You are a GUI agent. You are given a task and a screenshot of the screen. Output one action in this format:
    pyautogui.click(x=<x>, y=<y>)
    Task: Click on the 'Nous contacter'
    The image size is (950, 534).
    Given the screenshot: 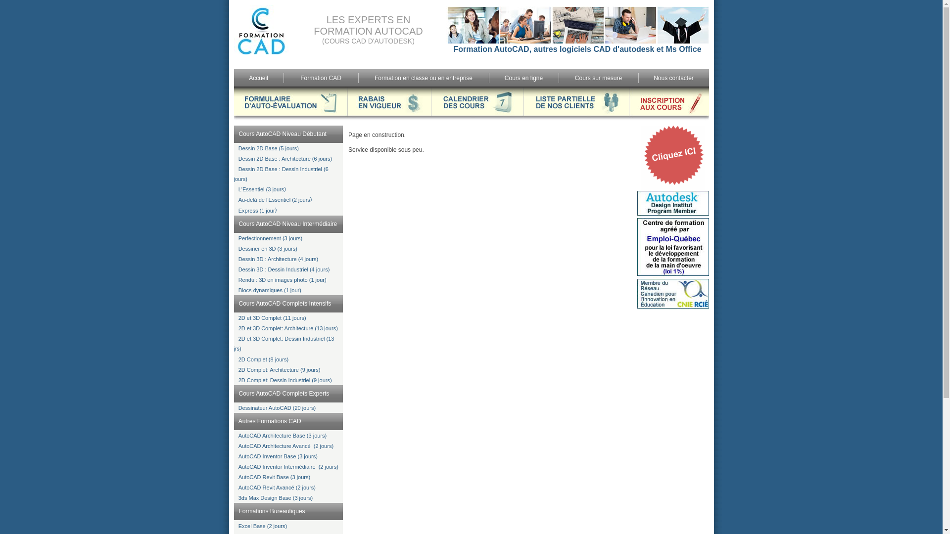 What is the action you would take?
    pyautogui.click(x=673, y=77)
    